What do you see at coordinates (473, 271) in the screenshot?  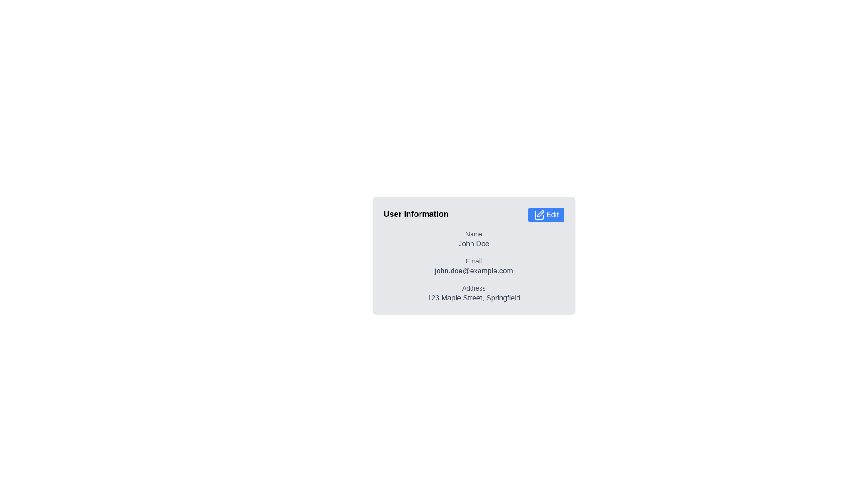 I see `the email address 'john.doe@example.com' displayed in the User Information section, which is centrally aligned below the 'Email' label` at bounding box center [473, 271].